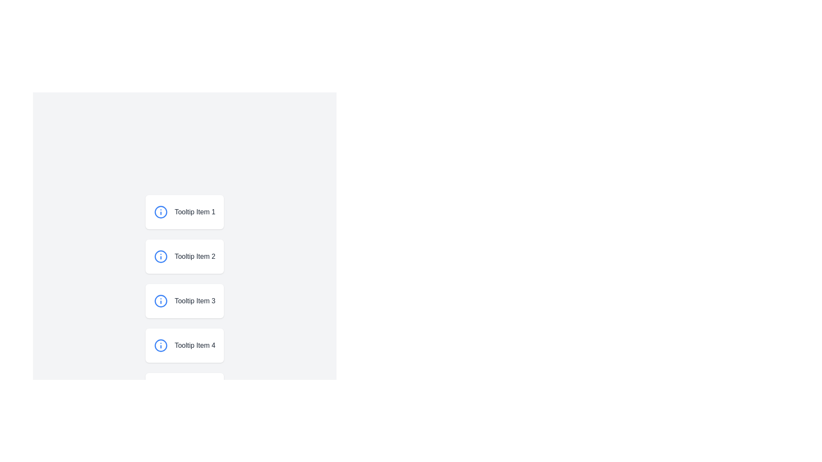 The image size is (822, 462). What do you see at coordinates (161, 301) in the screenshot?
I see `the SVG icon located to the left of 'Tooltip Item 3' in the third row of the vertical list, which serves as a visual cue for additional information` at bounding box center [161, 301].